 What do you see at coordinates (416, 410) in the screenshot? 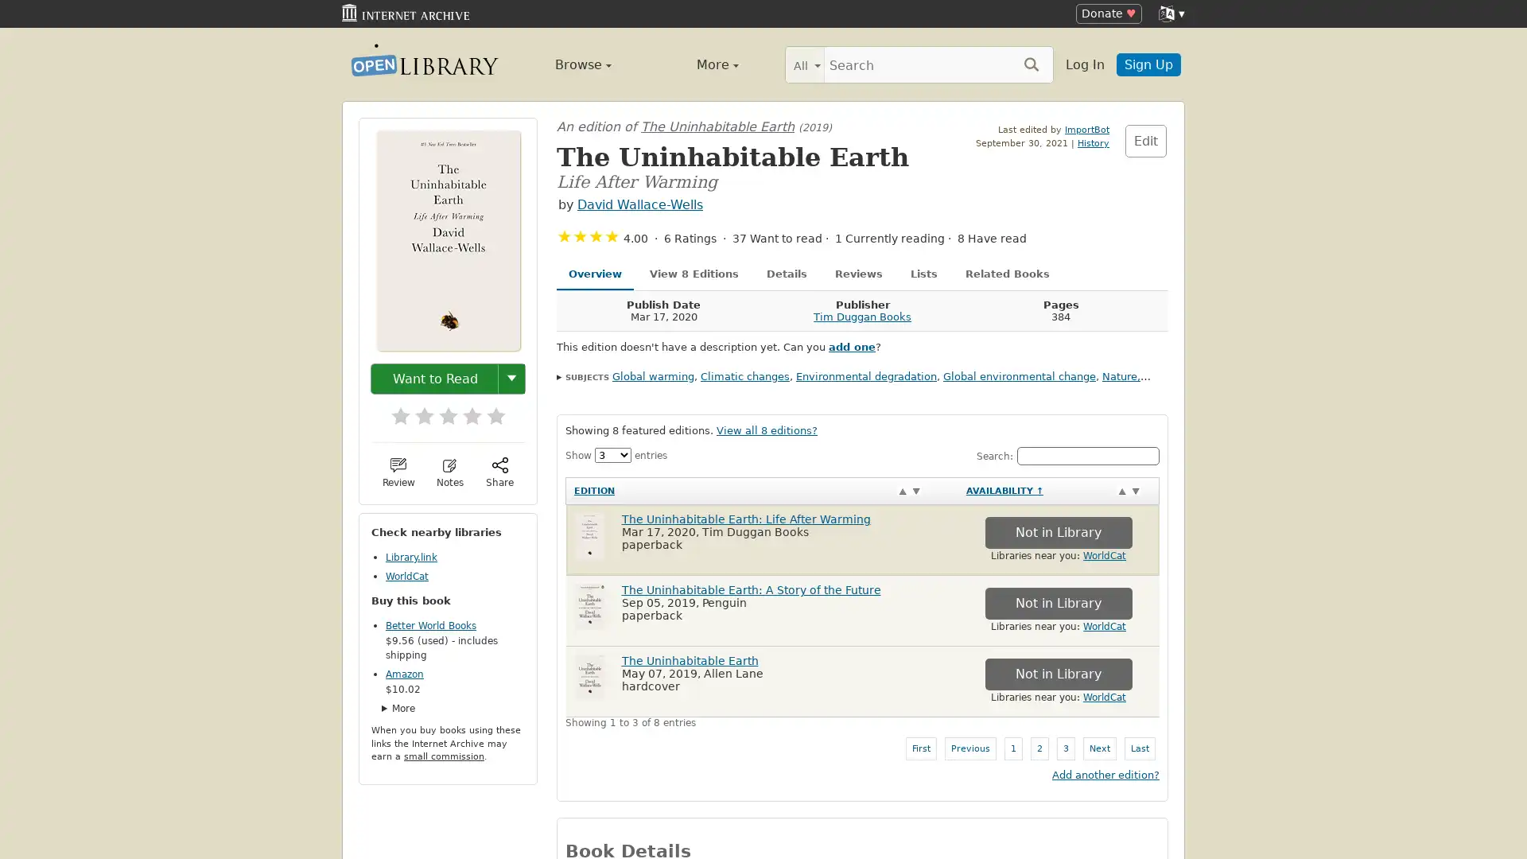
I see `2` at bounding box center [416, 410].